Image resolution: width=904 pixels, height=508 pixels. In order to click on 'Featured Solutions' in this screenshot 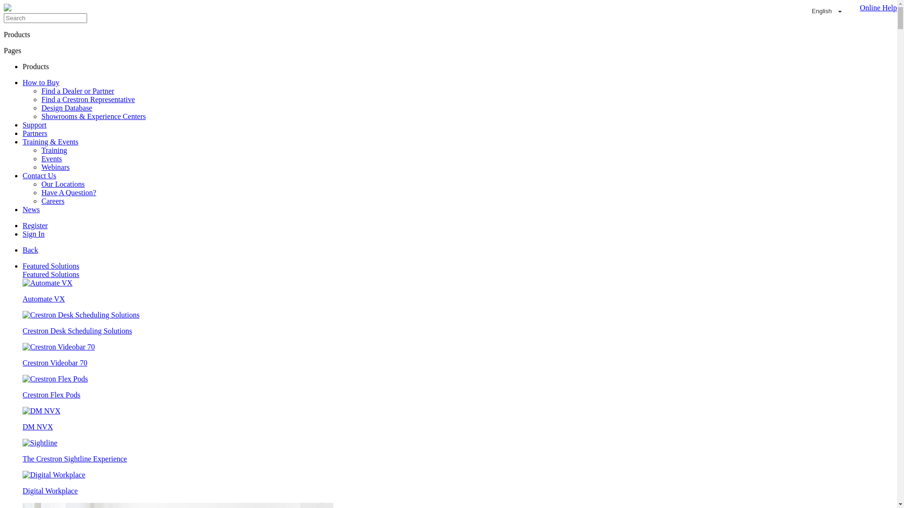, I will do `click(23, 266)`.